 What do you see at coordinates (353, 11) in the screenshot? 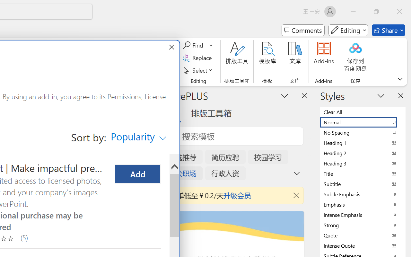
I see `'Minimize'` at bounding box center [353, 11].